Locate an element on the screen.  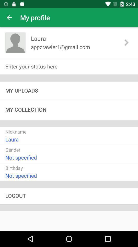
the avatar icon is located at coordinates (15, 42).